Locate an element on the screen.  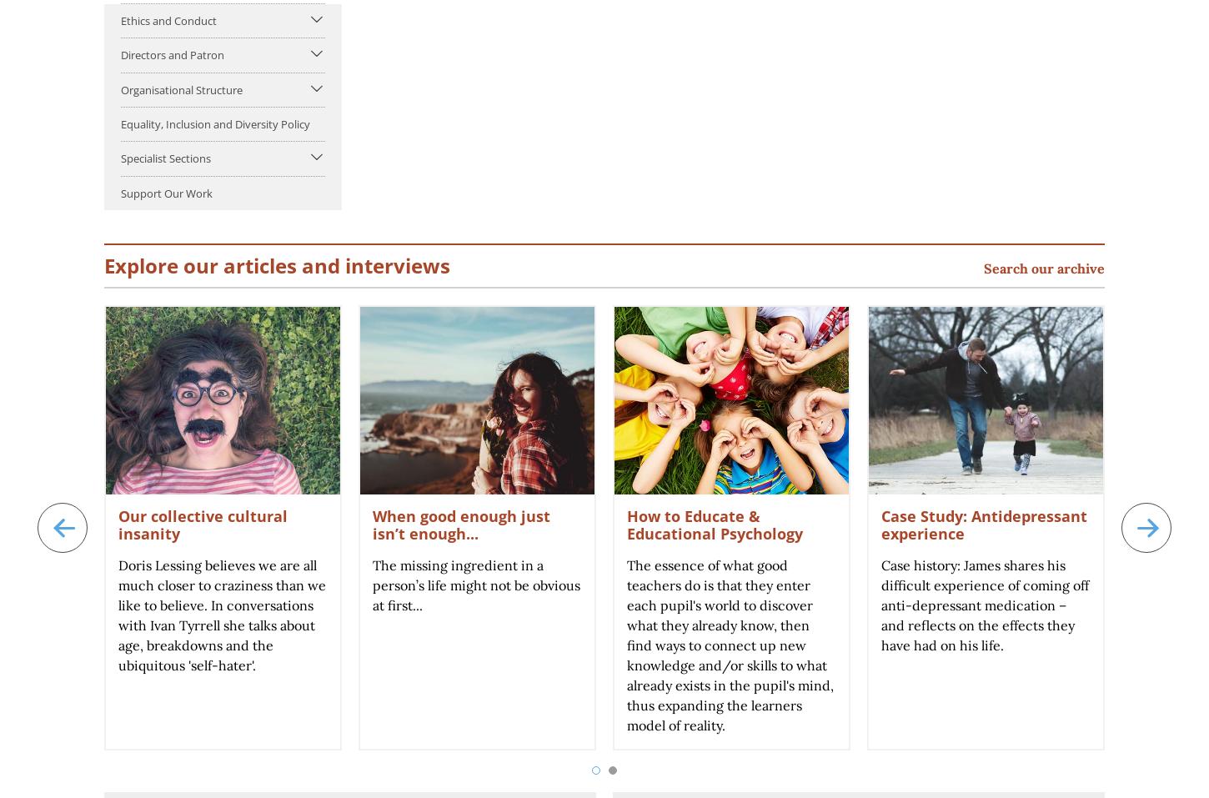
'Explore our articles and interviews' is located at coordinates (277, 264).